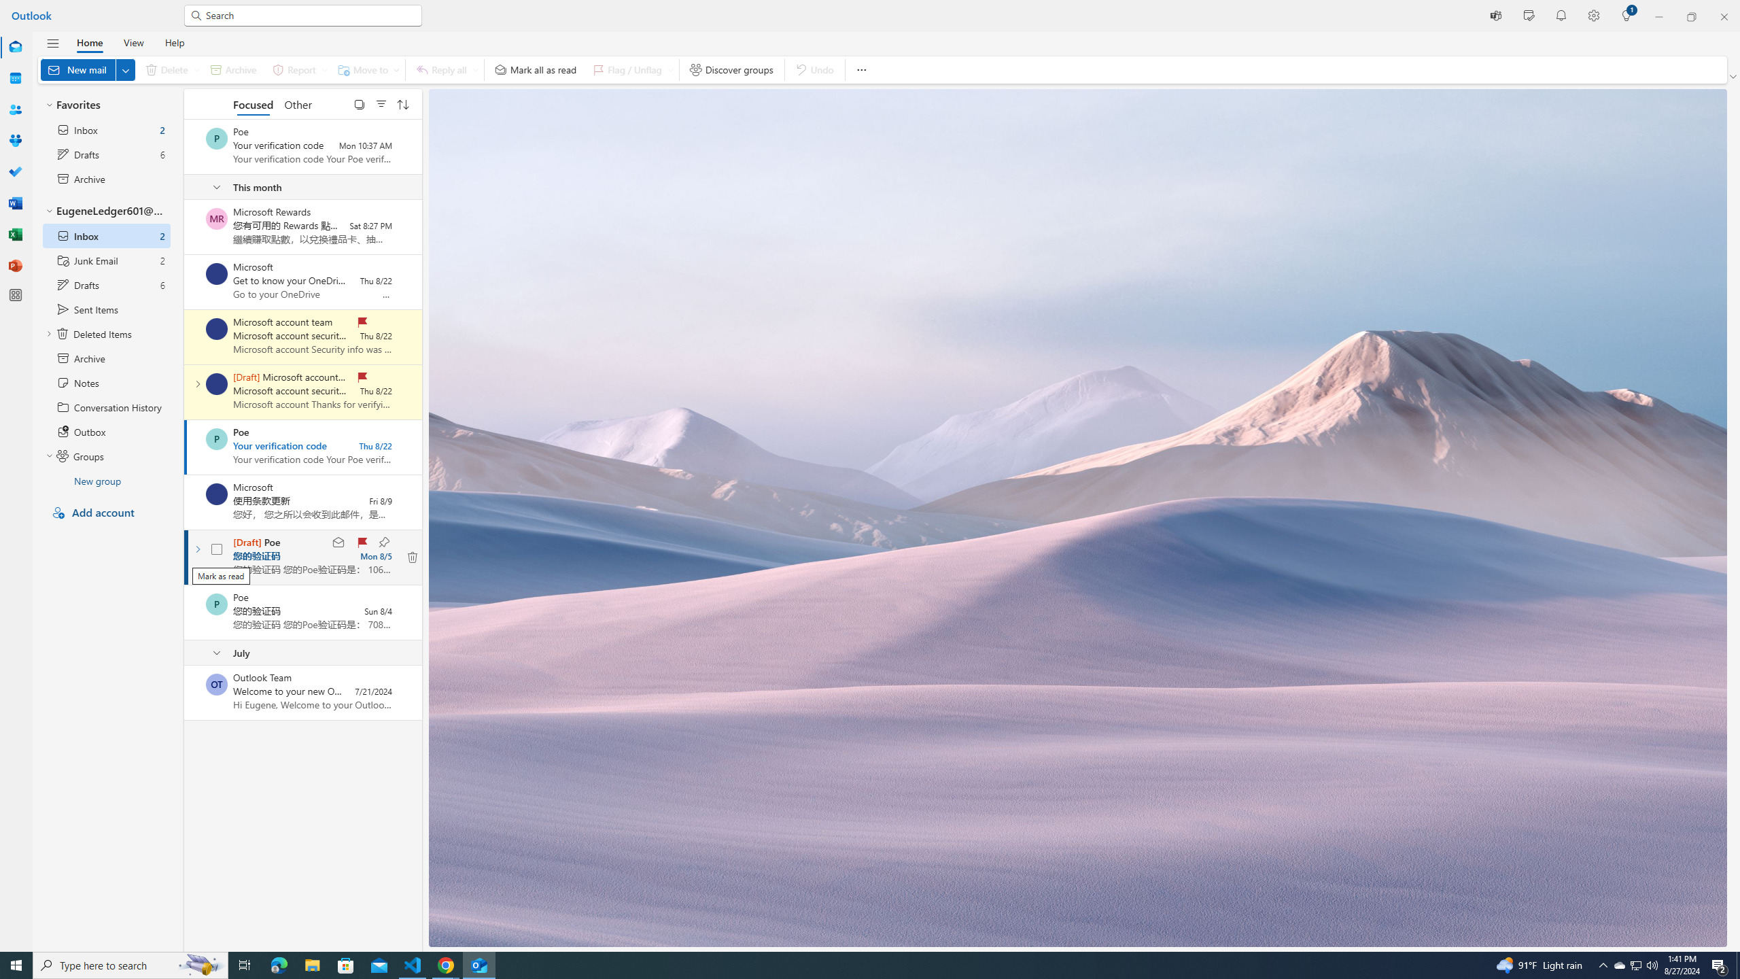  What do you see at coordinates (358, 103) in the screenshot?
I see `'Select'` at bounding box center [358, 103].